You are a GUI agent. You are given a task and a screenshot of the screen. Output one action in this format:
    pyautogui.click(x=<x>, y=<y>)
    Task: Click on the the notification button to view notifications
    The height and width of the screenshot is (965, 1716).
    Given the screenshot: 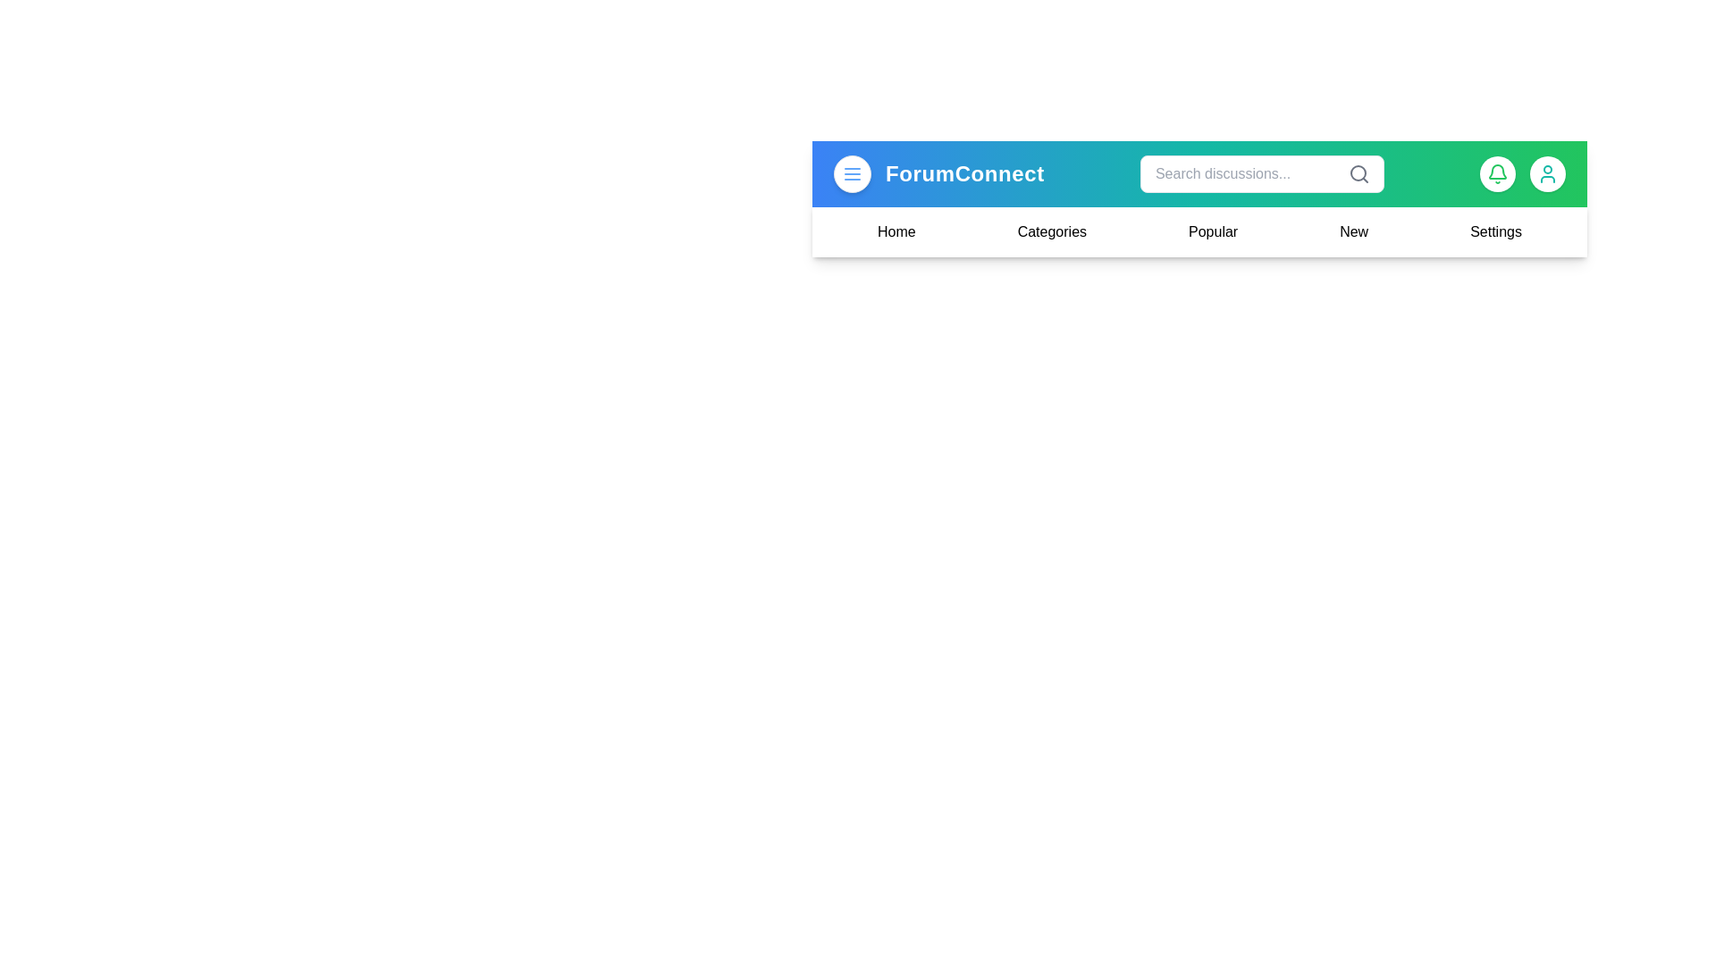 What is the action you would take?
    pyautogui.click(x=1497, y=174)
    